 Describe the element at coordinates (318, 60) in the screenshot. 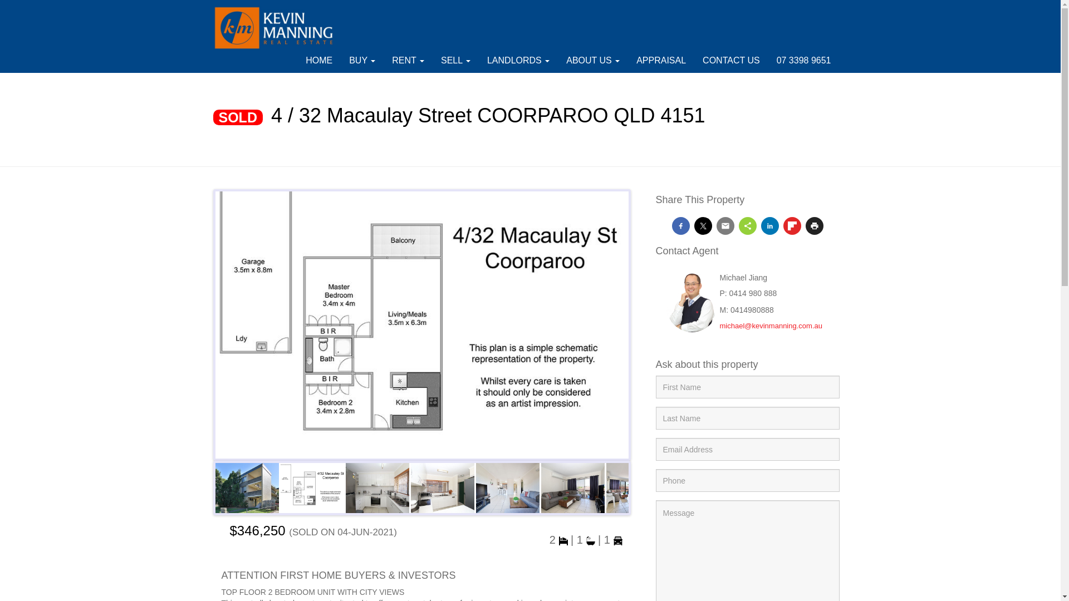

I see `'HOME'` at that location.